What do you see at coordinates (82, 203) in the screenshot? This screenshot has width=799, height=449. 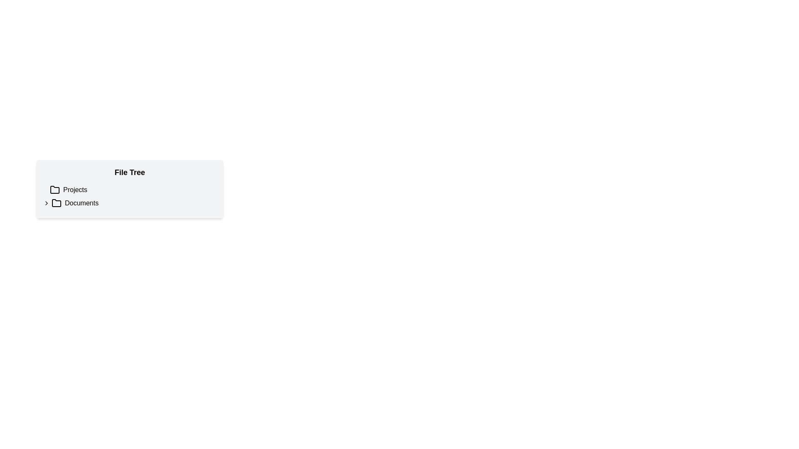 I see `the 'Documents' text label` at bounding box center [82, 203].